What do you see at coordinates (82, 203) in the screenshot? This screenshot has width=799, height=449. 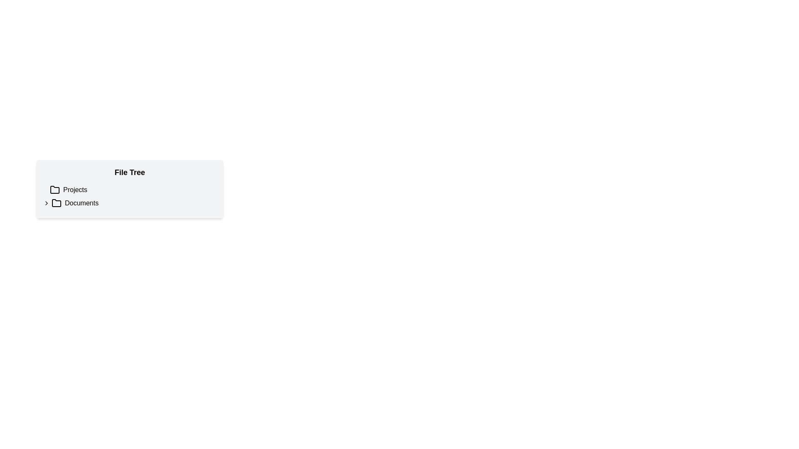 I see `the 'Documents' text label` at bounding box center [82, 203].